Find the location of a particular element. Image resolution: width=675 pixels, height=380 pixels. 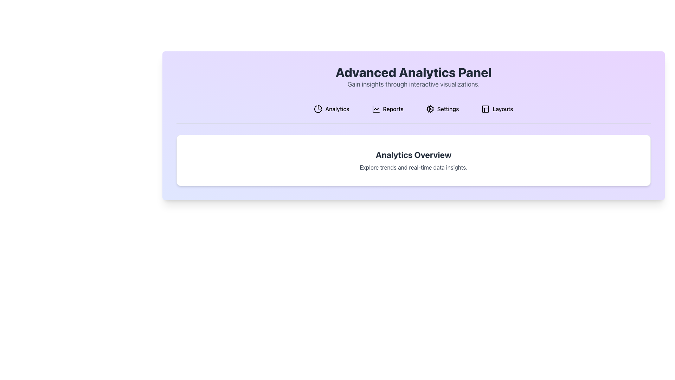

the settings button in the horizontal navigation bar is located at coordinates (442, 109).